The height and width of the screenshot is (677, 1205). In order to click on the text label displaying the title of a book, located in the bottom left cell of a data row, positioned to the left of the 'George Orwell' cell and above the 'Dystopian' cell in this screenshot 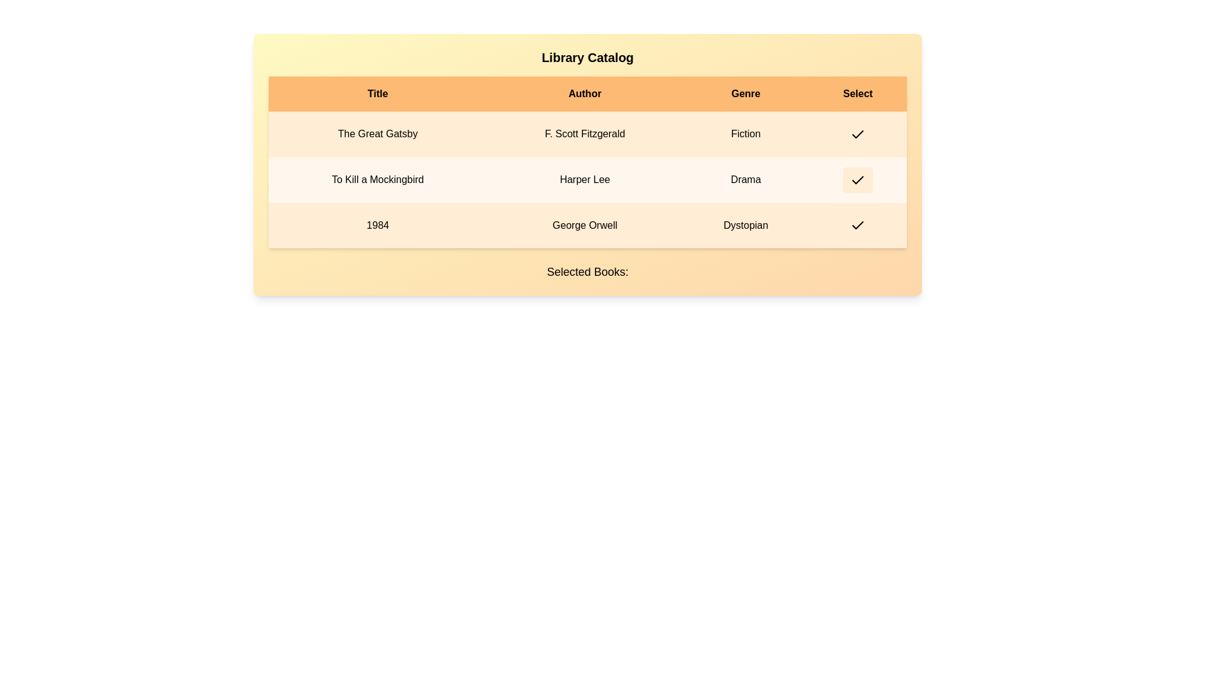, I will do `click(377, 224)`.